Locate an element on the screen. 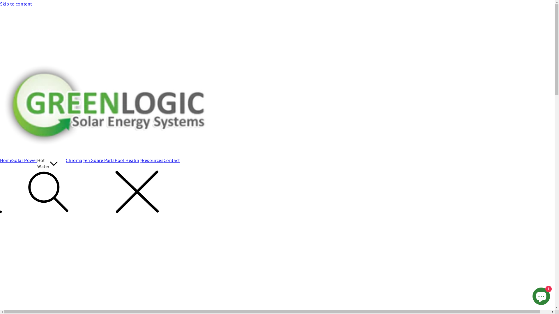  'Shopify online store chat' is located at coordinates (541, 295).